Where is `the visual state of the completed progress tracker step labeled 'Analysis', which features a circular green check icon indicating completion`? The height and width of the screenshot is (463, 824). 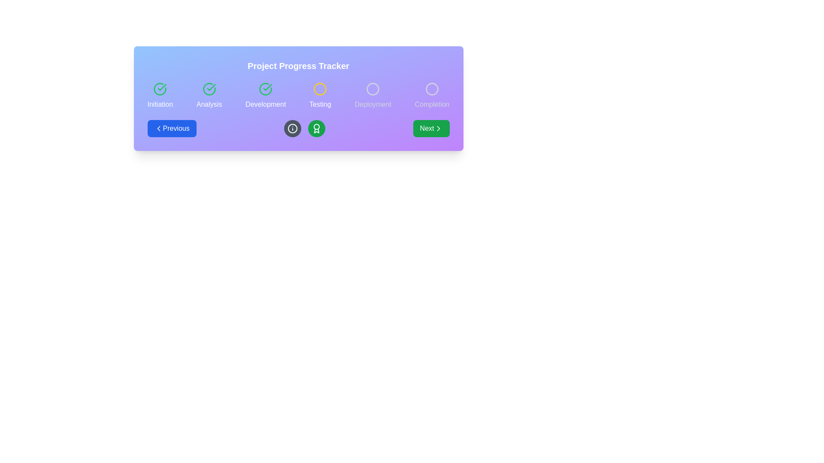 the visual state of the completed progress tracker step labeled 'Analysis', which features a circular green check icon indicating completion is located at coordinates (209, 96).